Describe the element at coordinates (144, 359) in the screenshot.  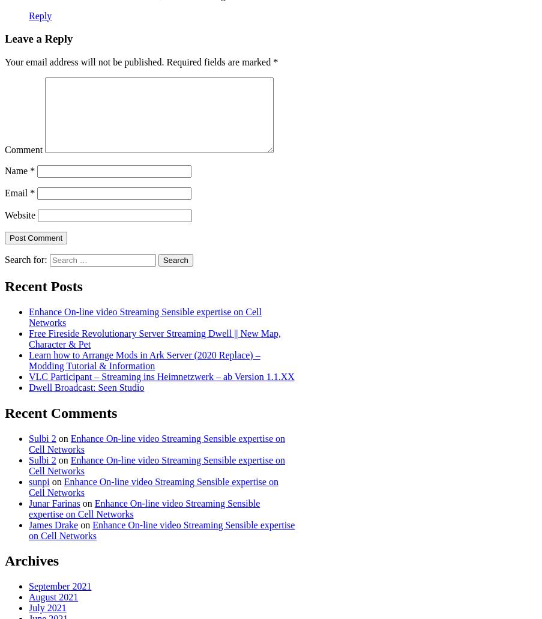
I see `'Learn how to Arrange Mods in Ark Server (2020 Replace) – Modding Tutorial & Information'` at that location.